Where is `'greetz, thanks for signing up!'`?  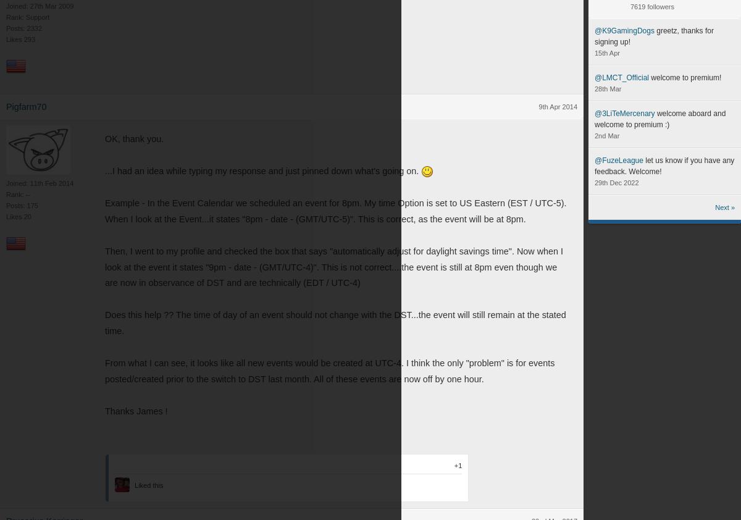 'greetz, thanks for signing up!' is located at coordinates (595, 36).